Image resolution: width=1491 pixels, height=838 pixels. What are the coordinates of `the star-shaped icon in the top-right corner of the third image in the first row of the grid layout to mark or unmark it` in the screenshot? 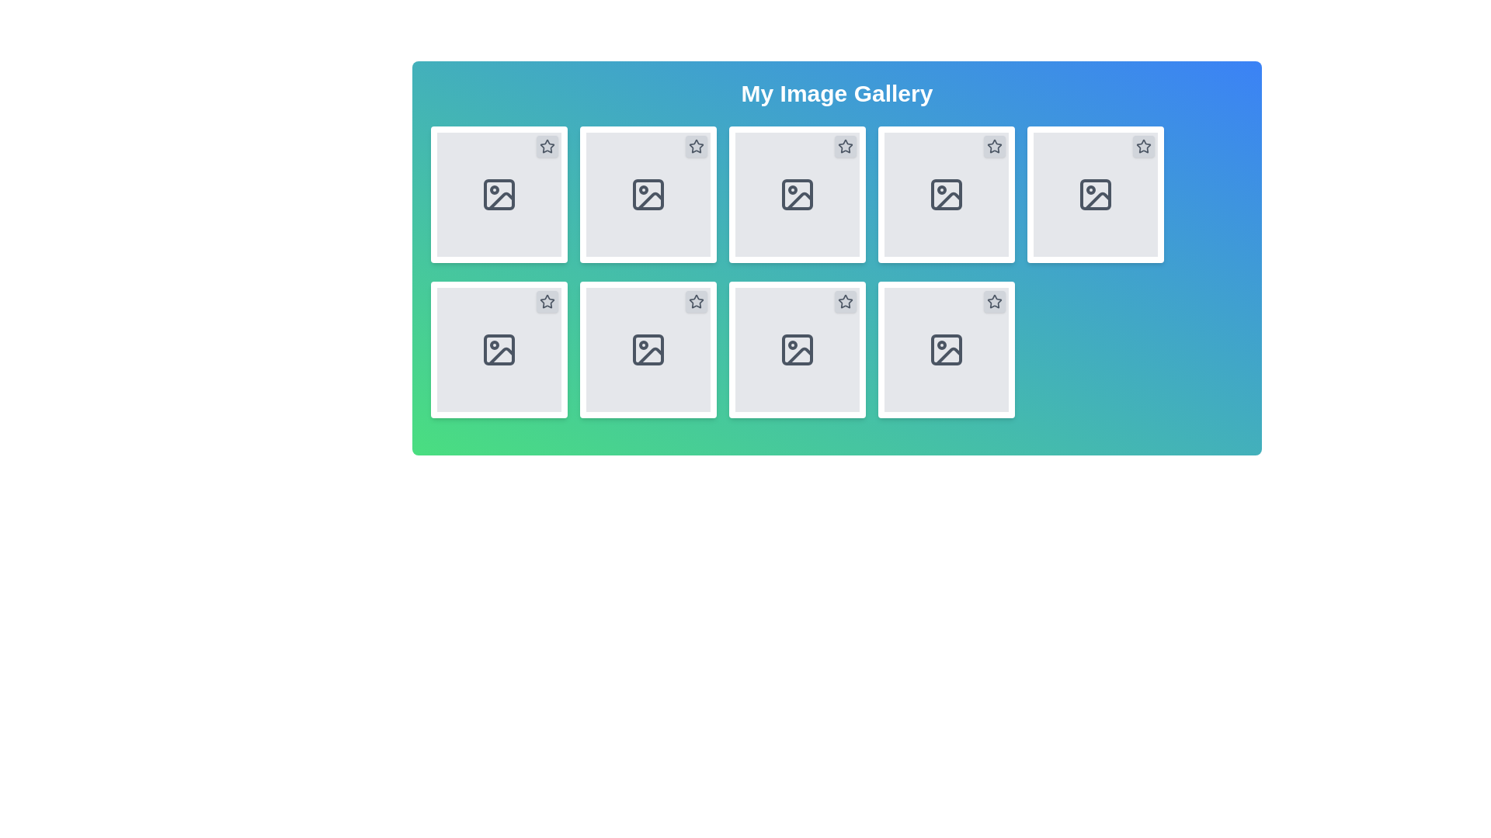 It's located at (845, 147).